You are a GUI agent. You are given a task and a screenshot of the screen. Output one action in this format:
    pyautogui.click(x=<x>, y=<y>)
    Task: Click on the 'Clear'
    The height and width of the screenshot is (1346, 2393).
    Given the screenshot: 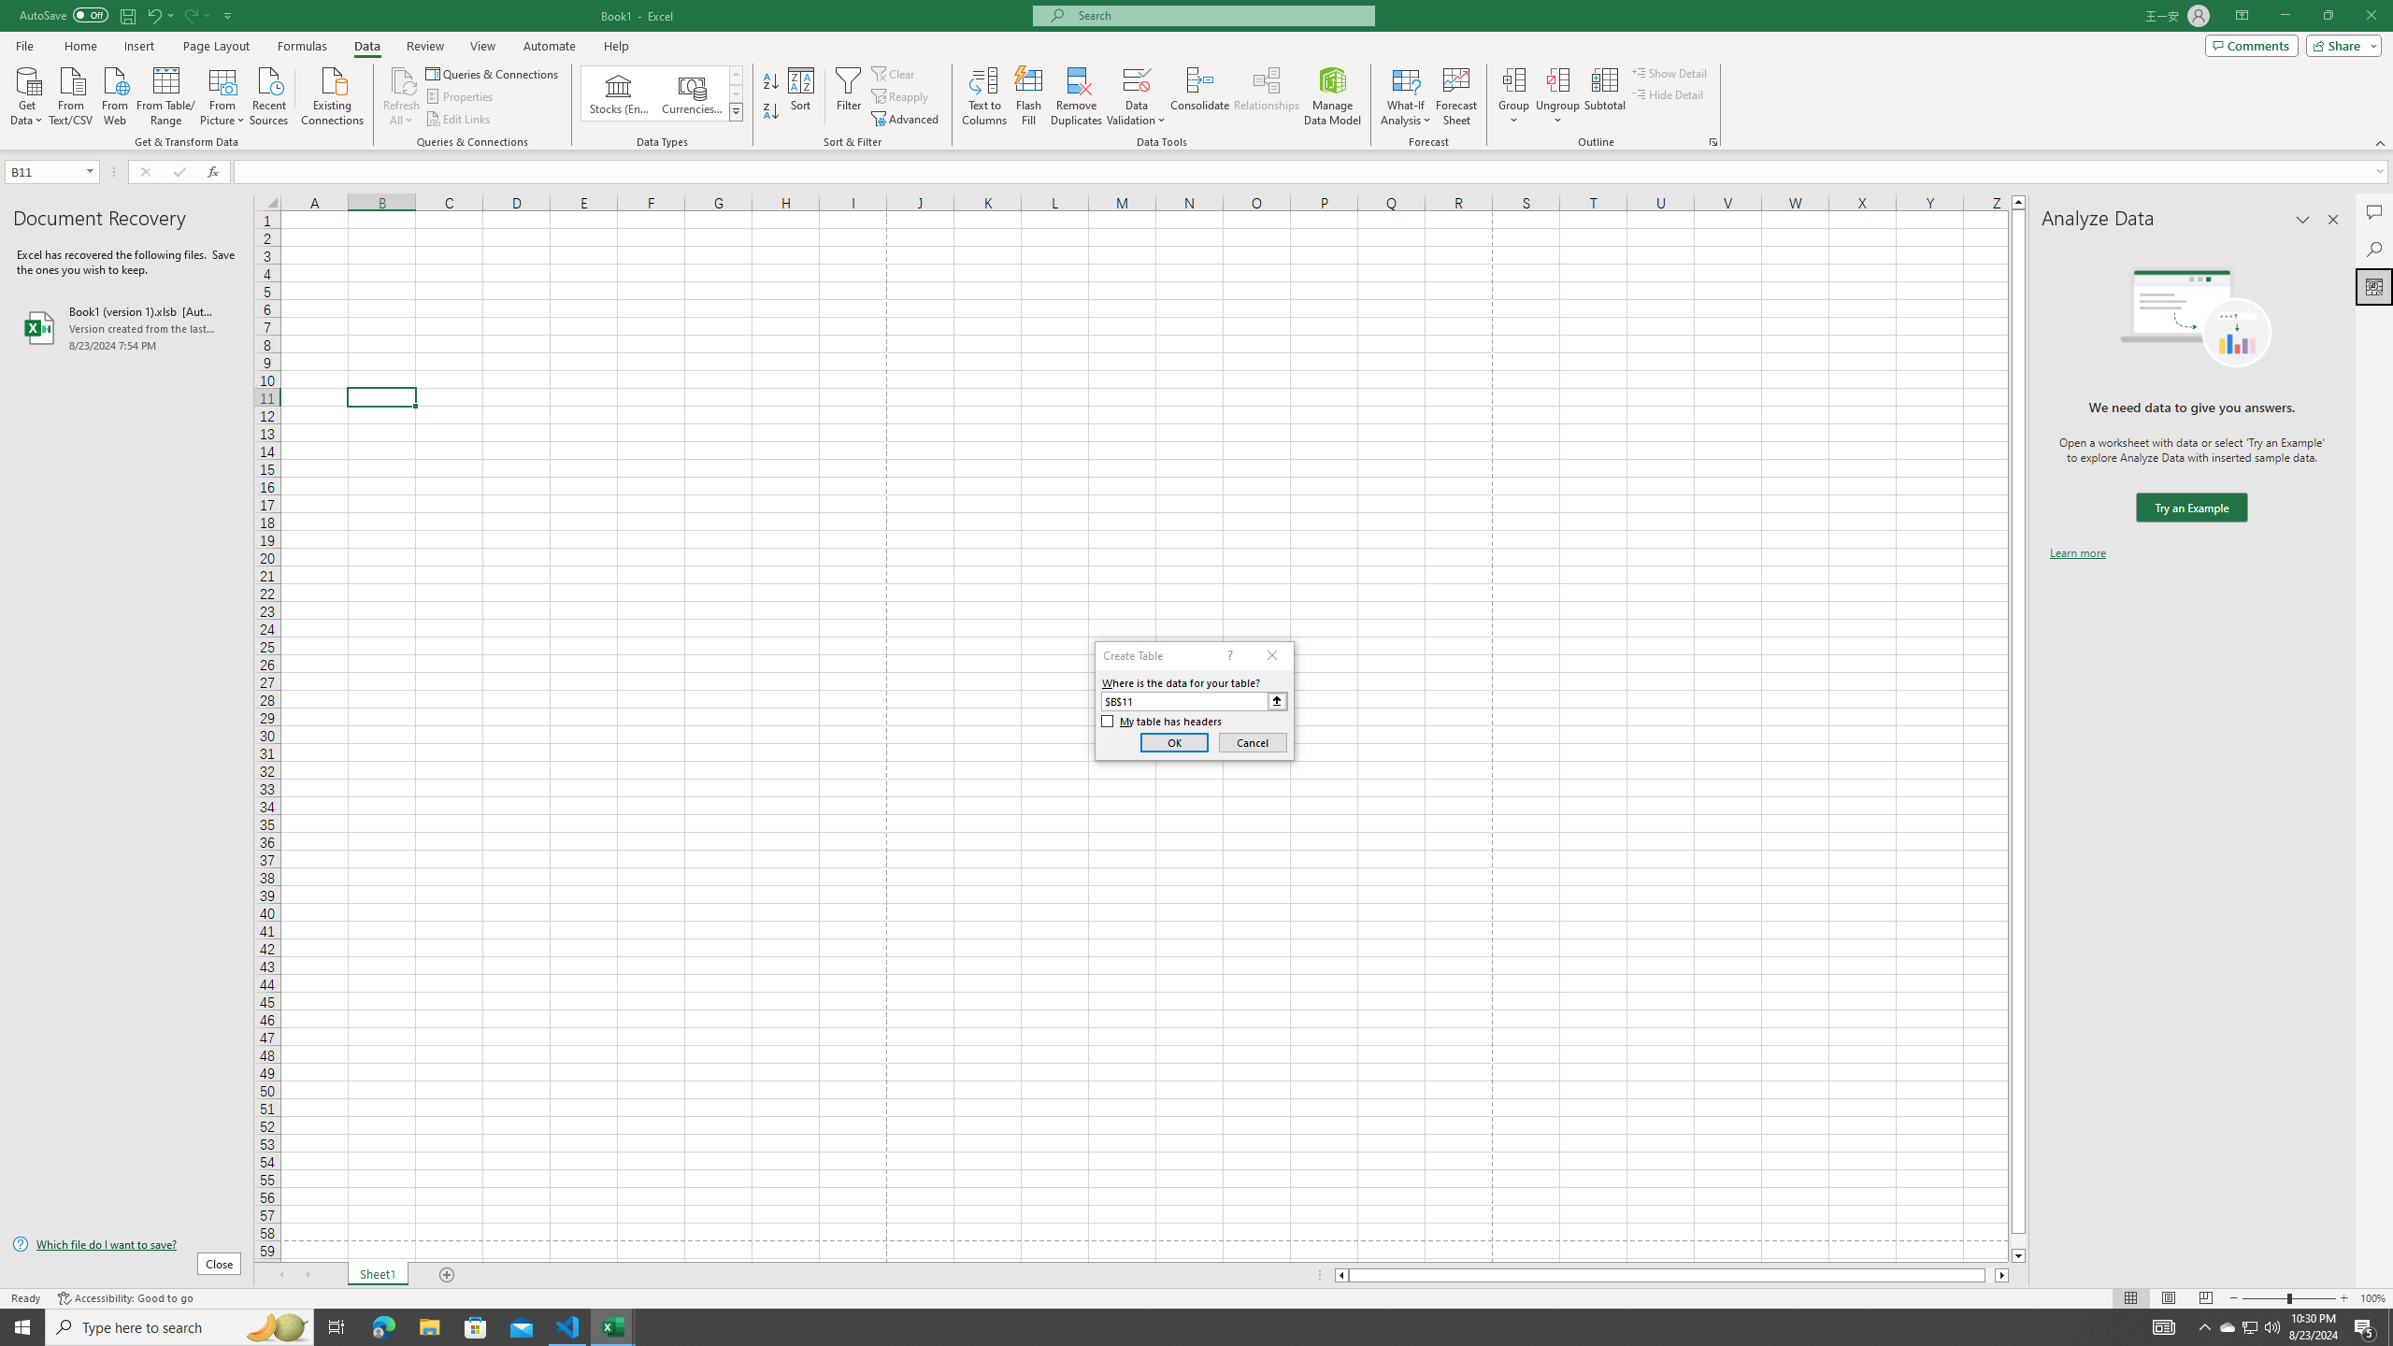 What is the action you would take?
    pyautogui.click(x=895, y=73)
    